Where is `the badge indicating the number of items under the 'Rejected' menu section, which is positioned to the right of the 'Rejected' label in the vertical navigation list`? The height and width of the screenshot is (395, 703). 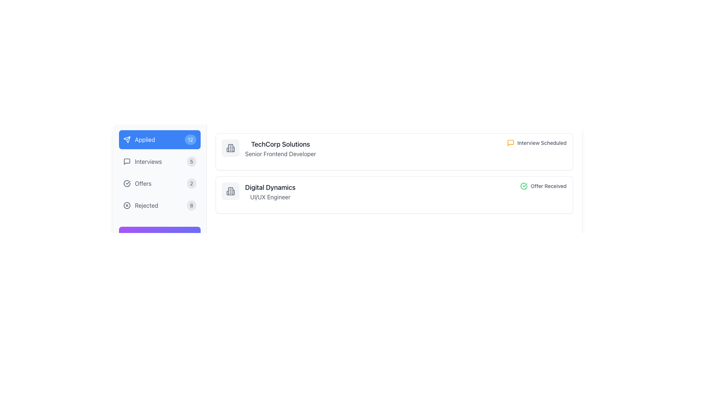
the badge indicating the number of items under the 'Rejected' menu section, which is positioned to the right of the 'Rejected' label in the vertical navigation list is located at coordinates (191, 206).